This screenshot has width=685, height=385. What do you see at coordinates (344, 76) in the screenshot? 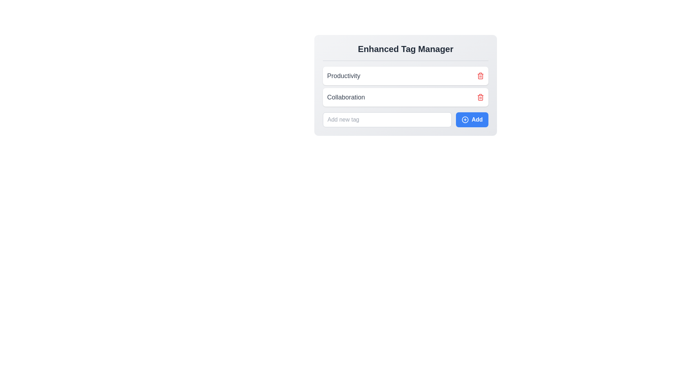
I see `the text label located in the top-left corner of the rounded white box, which identifies a tag or category` at bounding box center [344, 76].